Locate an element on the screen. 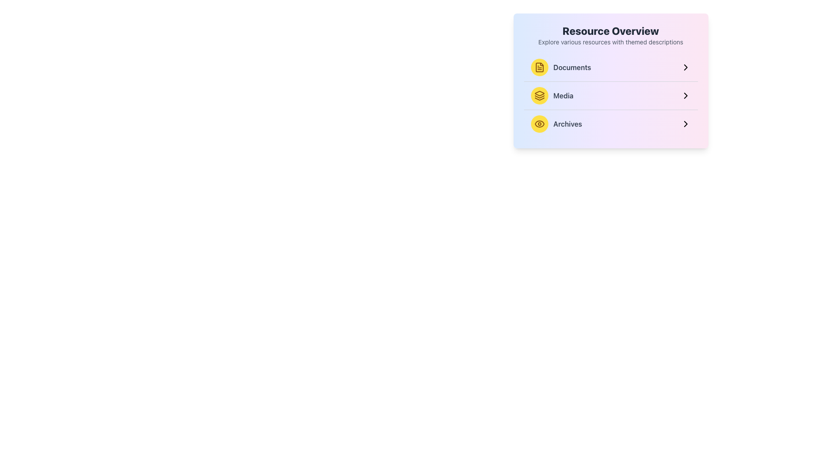 This screenshot has width=835, height=470. the text label reading 'Documents', which is part of a vertically aligned list within a card interface and positioned to the right of a document icon is located at coordinates (572, 67).